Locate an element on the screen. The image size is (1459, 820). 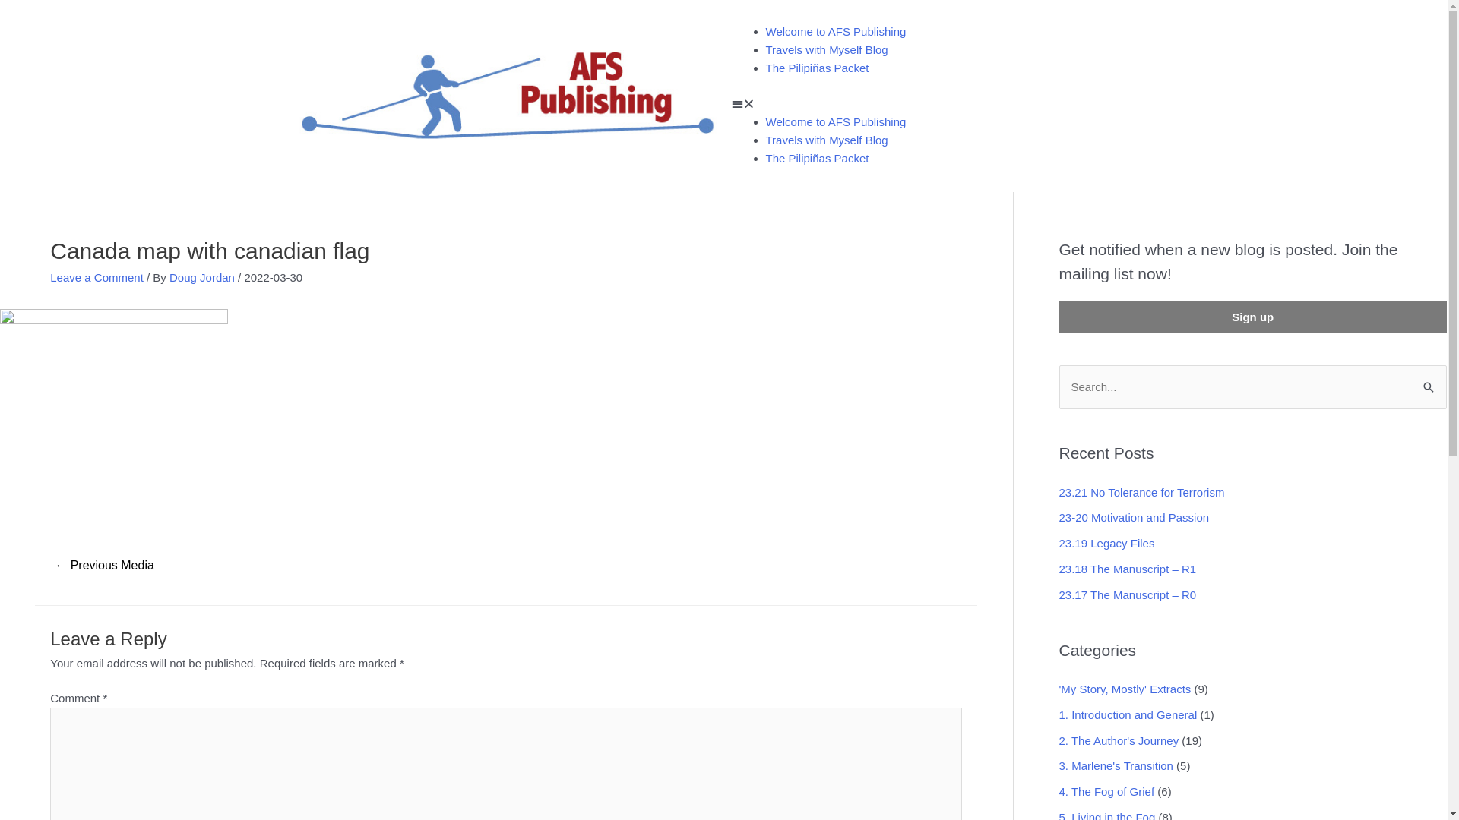
'Welcome to AFS Publishing' is located at coordinates (835, 121).